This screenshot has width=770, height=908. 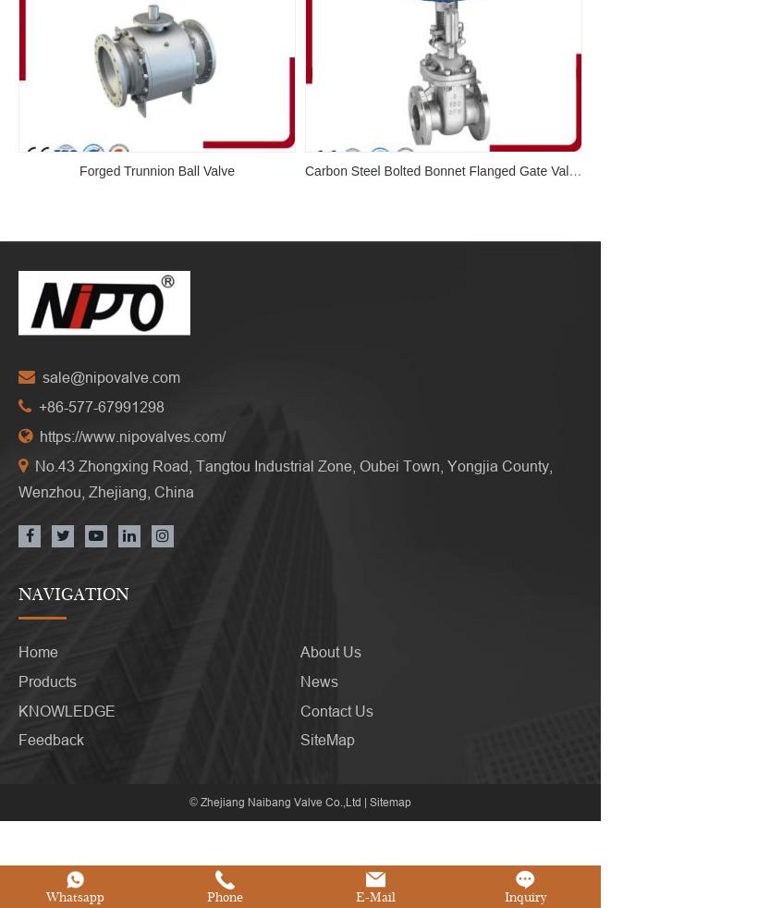 I want to click on 'Products', so click(x=47, y=680).